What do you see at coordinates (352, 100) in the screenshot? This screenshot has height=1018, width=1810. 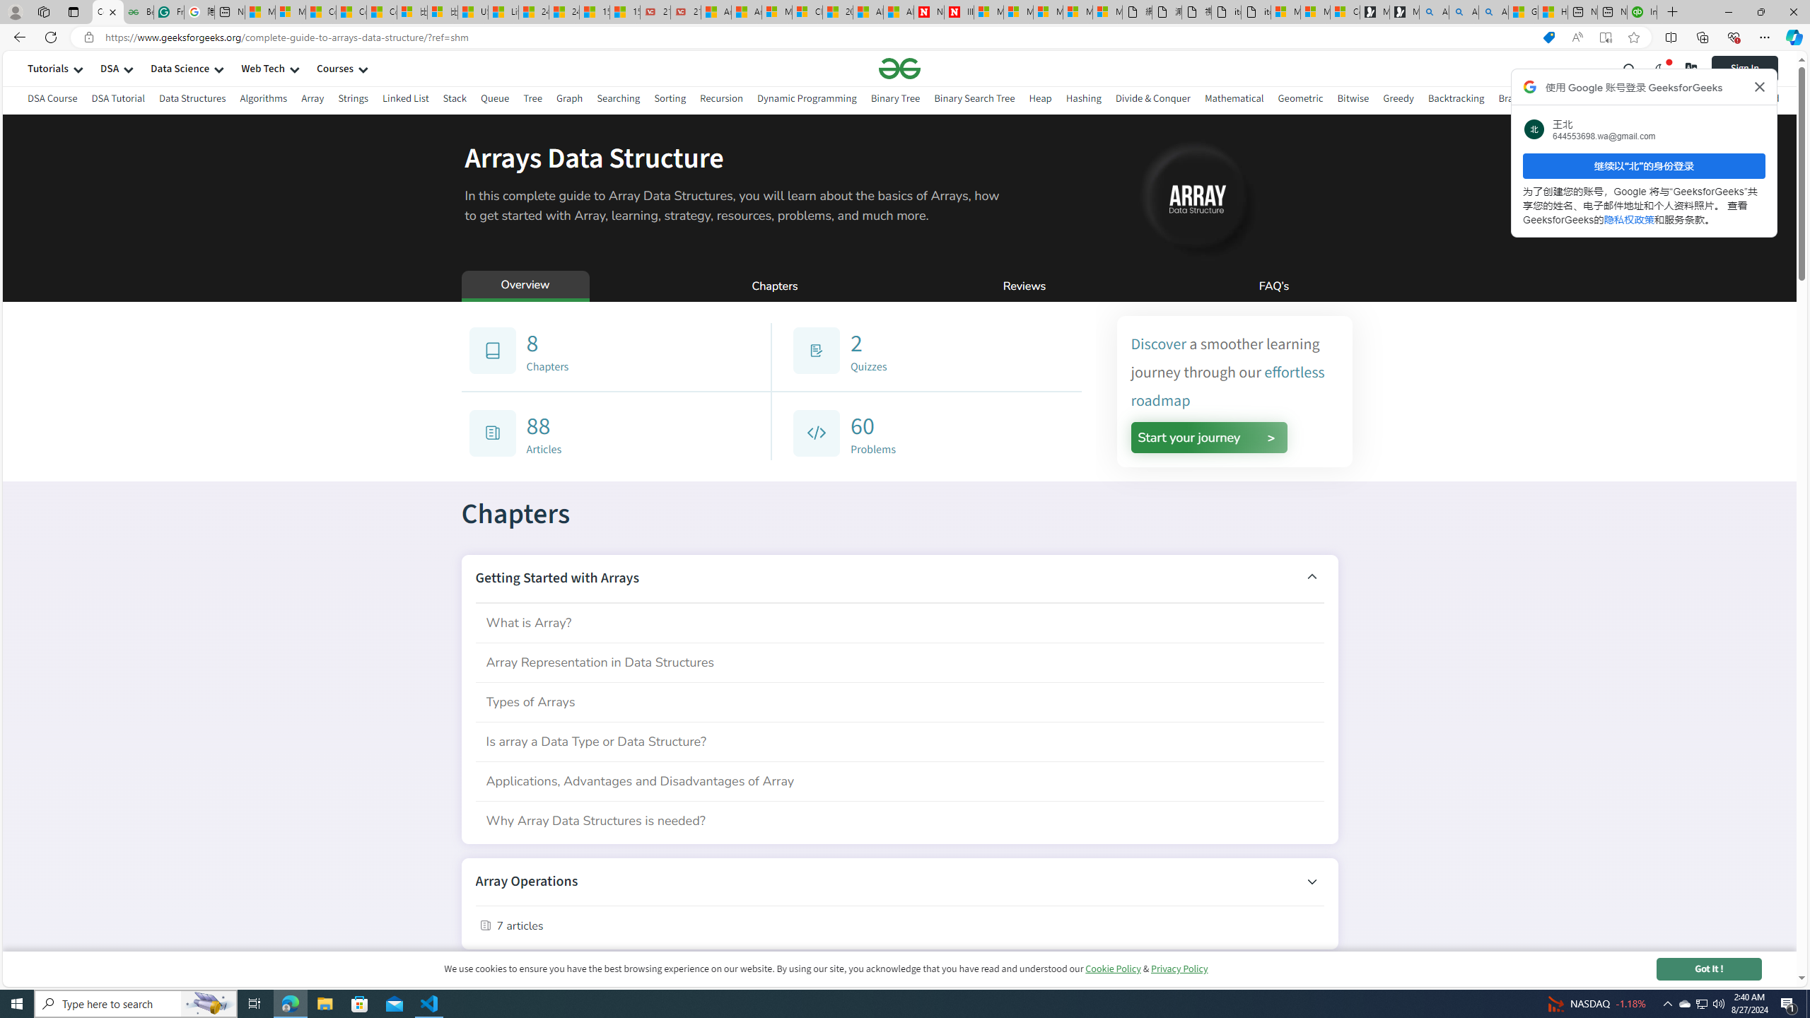 I see `'Strings'` at bounding box center [352, 100].